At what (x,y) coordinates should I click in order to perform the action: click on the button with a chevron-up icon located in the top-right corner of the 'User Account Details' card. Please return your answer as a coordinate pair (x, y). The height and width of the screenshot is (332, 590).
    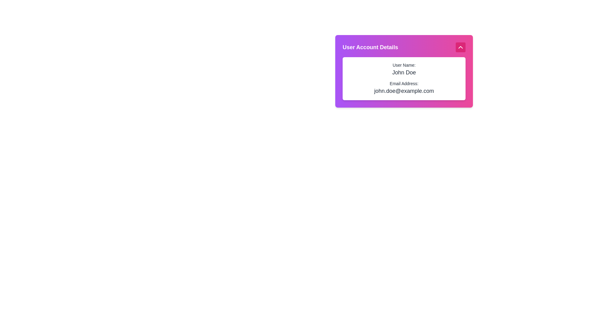
    Looking at the image, I should click on (460, 47).